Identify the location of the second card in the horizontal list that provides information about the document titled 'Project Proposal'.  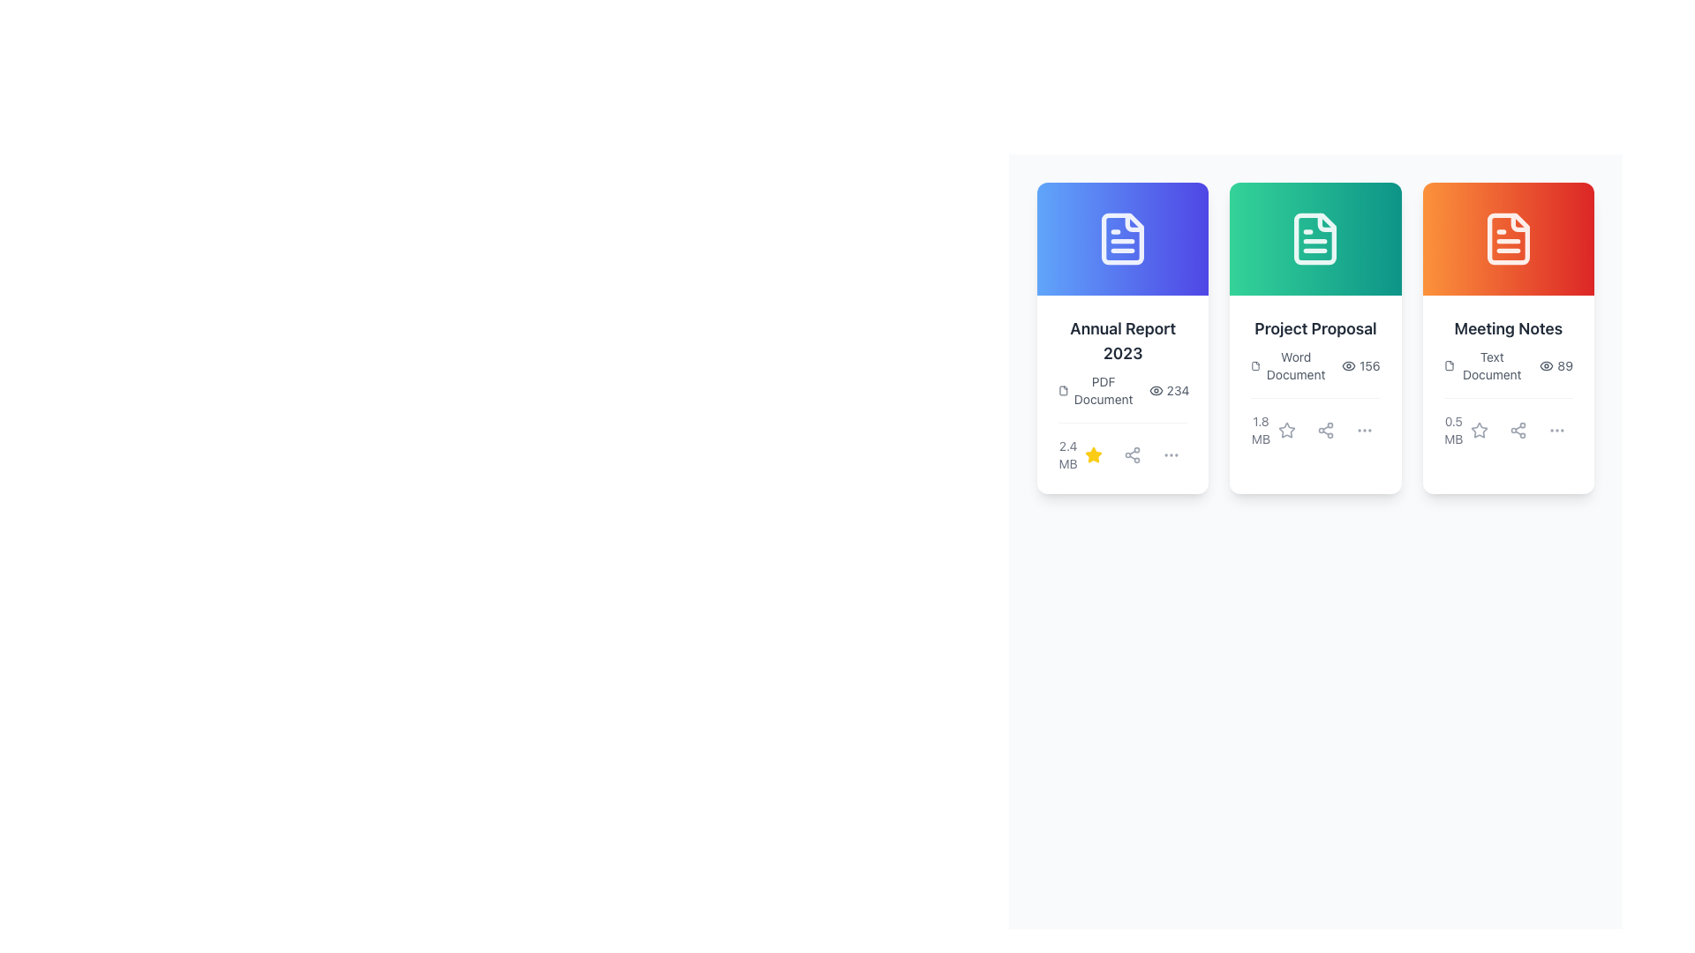
(1315, 338).